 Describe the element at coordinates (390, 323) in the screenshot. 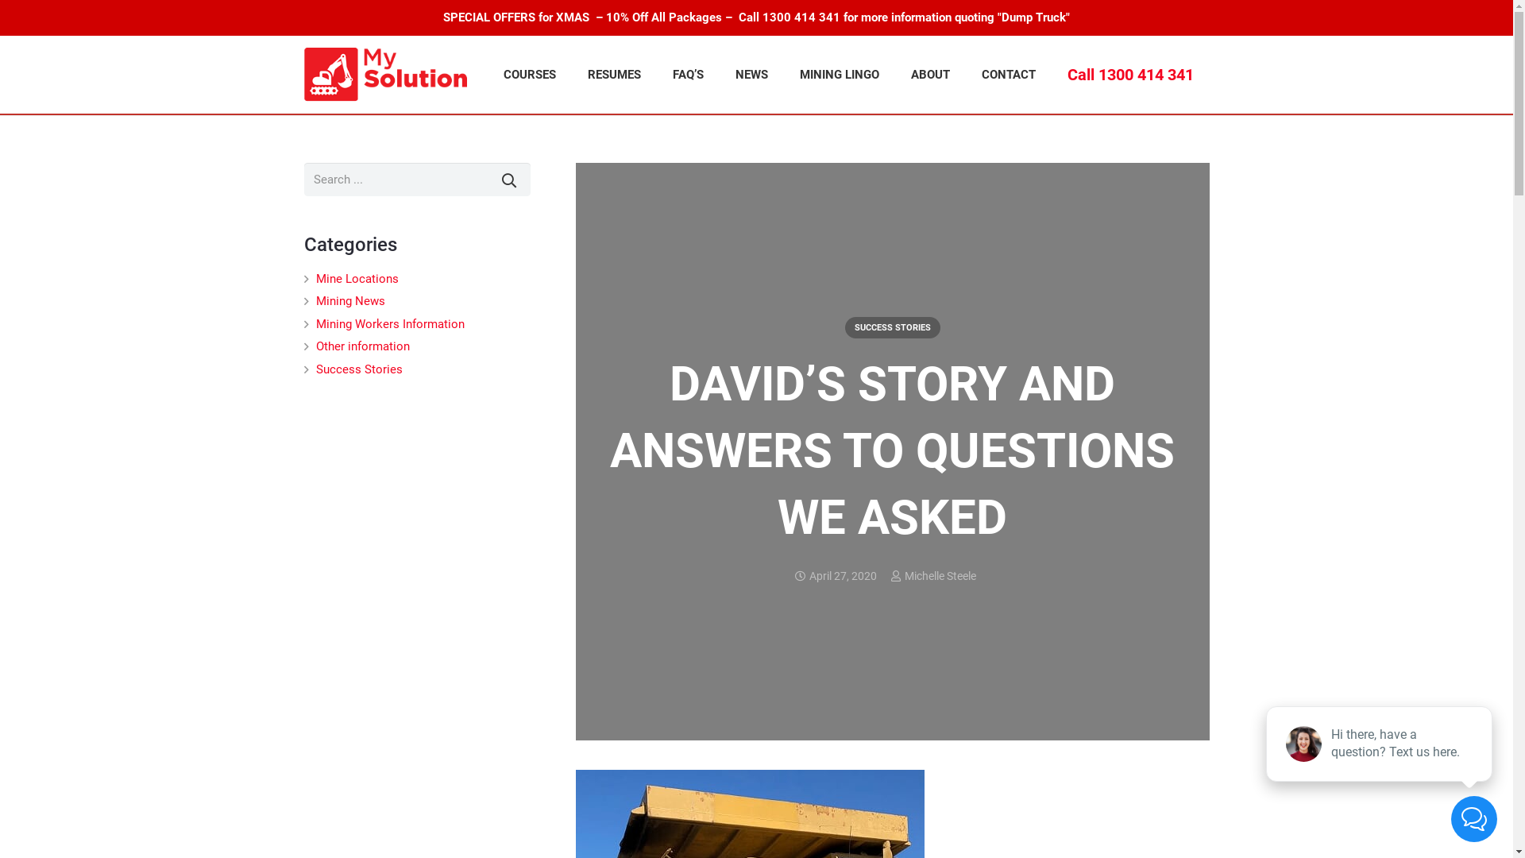

I see `'Mining Workers Information'` at that location.